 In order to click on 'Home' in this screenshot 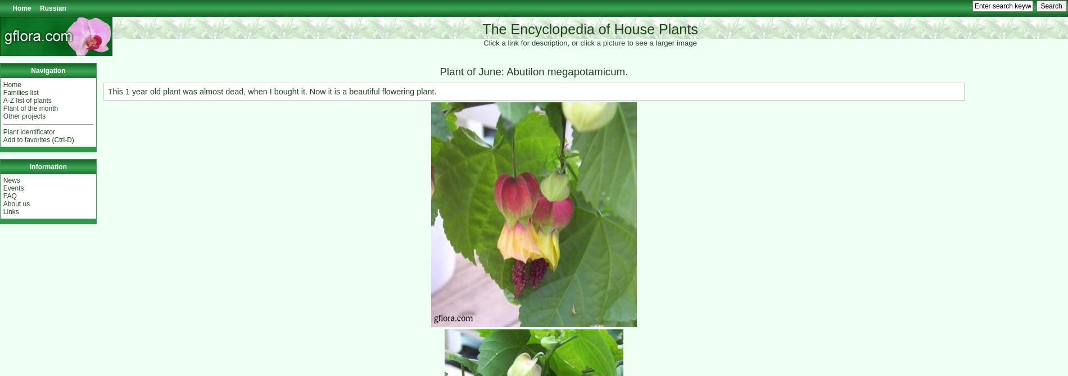, I will do `click(12, 83)`.